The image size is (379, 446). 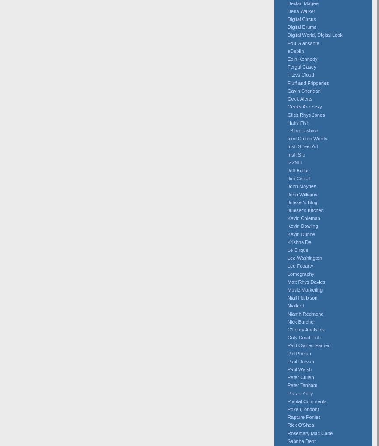 What do you see at coordinates (300, 377) in the screenshot?
I see `'Peter Cullen'` at bounding box center [300, 377].